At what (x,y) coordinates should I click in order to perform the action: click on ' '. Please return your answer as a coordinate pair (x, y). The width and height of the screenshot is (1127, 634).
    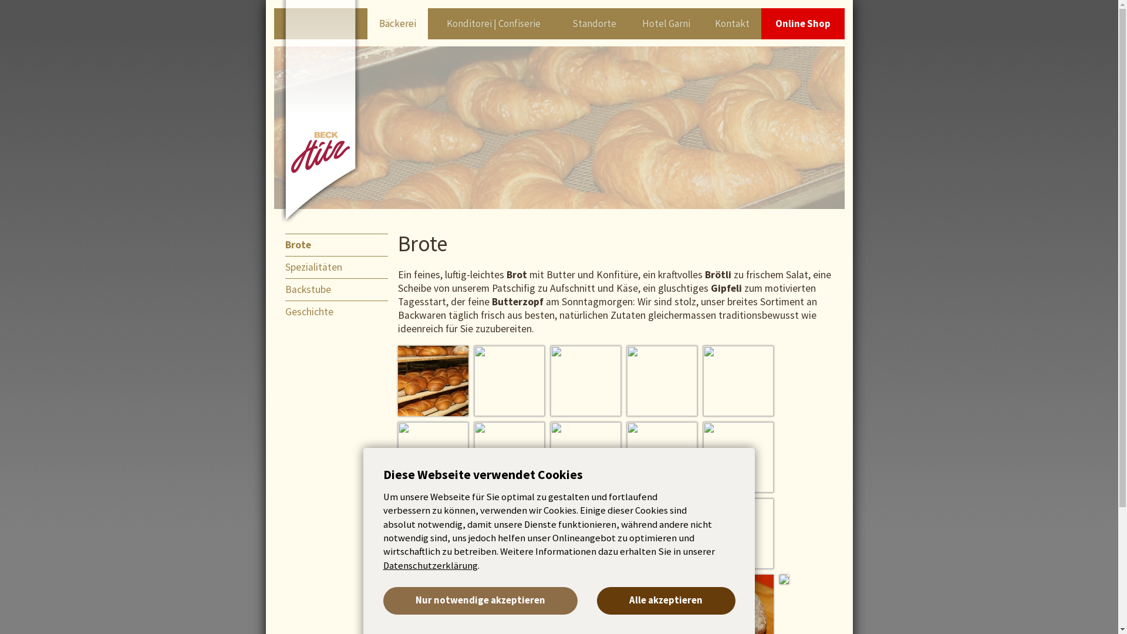
    Looking at the image, I should click on (626, 380).